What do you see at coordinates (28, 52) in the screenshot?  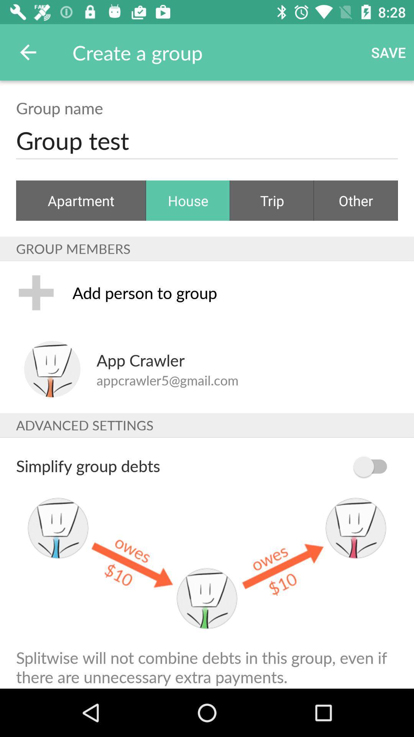 I see `the icon to the left of the create a group` at bounding box center [28, 52].